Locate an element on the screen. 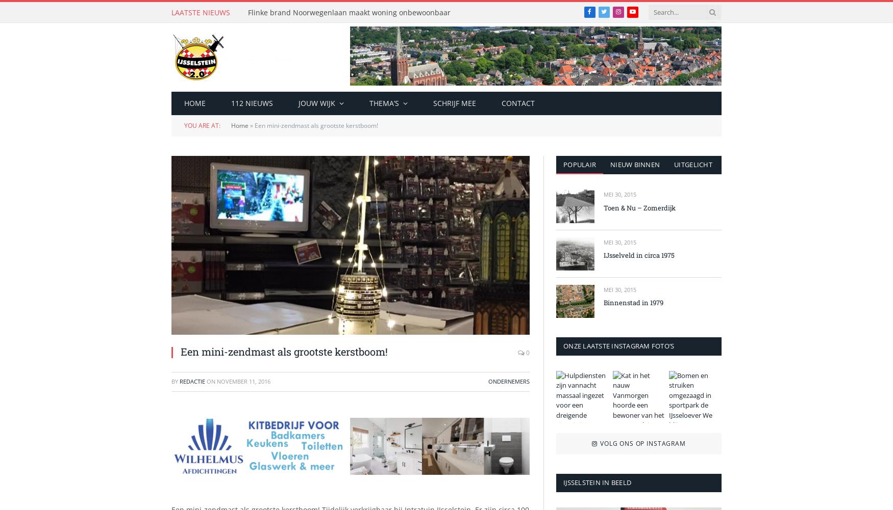 The width and height of the screenshot is (893, 510). '112 nieuws' is located at coordinates (252, 102).